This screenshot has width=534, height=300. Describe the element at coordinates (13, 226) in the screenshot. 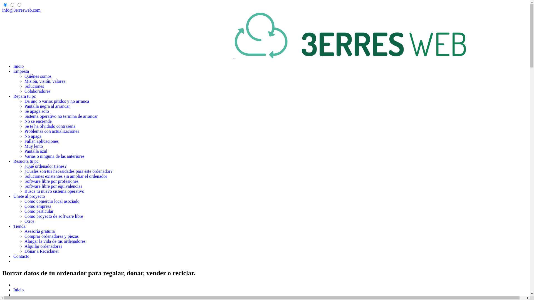

I see `'Tienda'` at that location.